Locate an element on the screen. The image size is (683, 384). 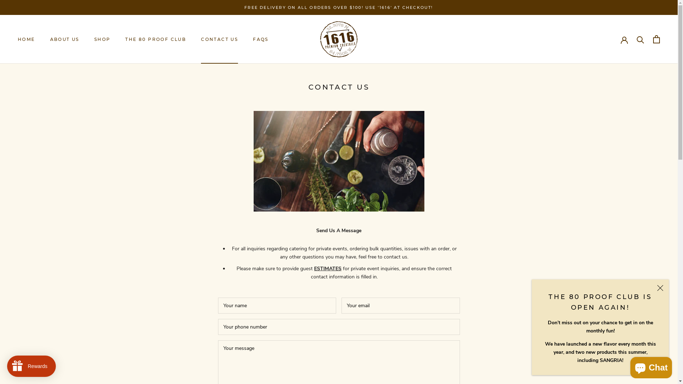
'FAQS is located at coordinates (260, 39).